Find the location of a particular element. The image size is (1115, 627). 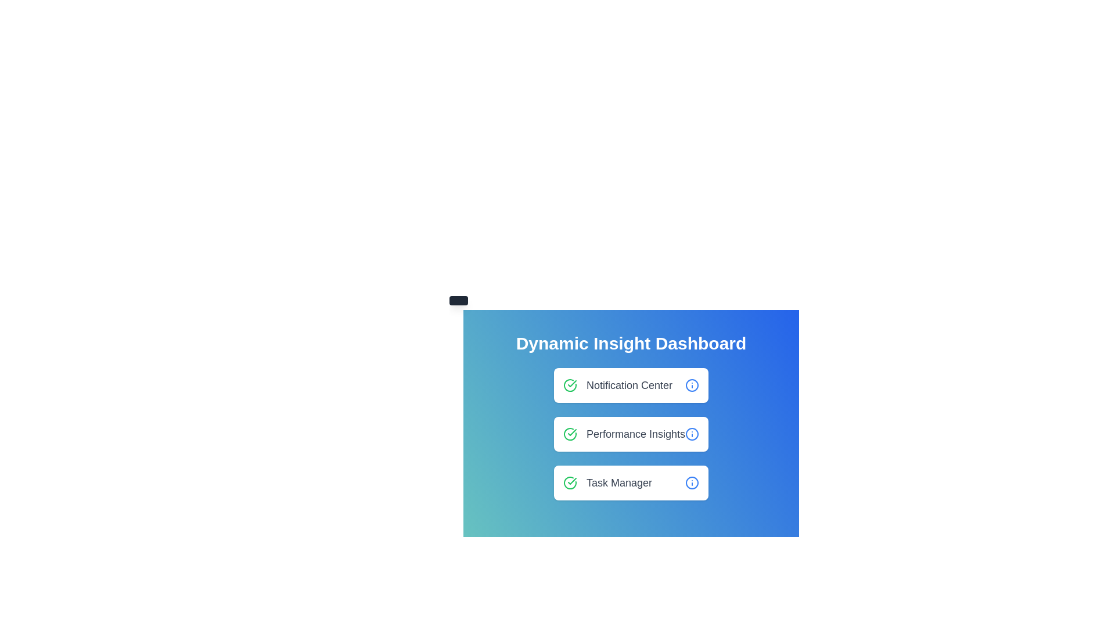

the circular icon featuring a green check mark within a green circle, located to the left of the 'Notification Center' text is located at coordinates (570, 385).